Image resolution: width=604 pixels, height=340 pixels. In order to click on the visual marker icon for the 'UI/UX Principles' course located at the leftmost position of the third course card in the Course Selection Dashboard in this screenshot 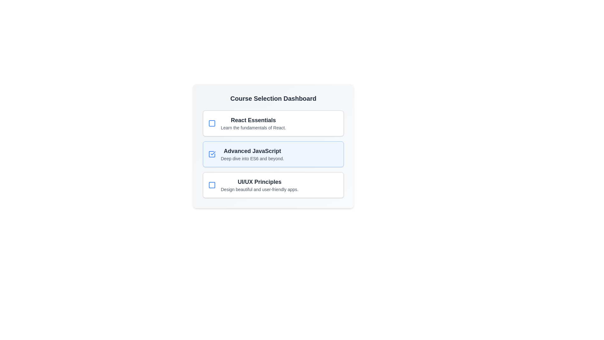, I will do `click(212, 184)`.